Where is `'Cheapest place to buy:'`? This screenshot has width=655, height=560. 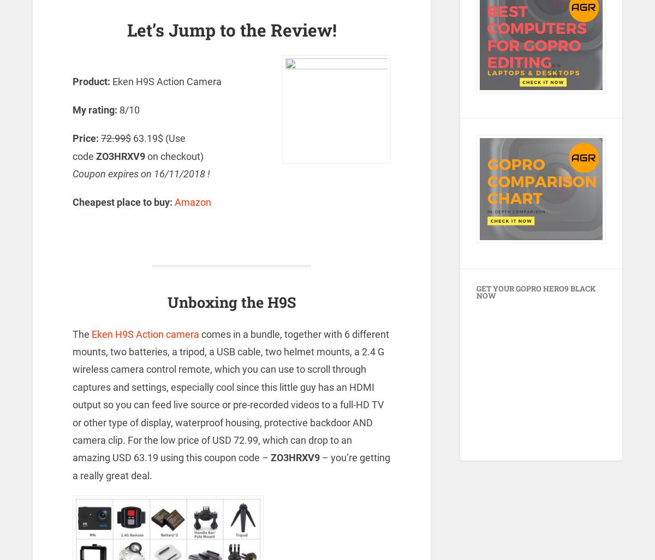
'Cheapest place to buy:' is located at coordinates (122, 201).